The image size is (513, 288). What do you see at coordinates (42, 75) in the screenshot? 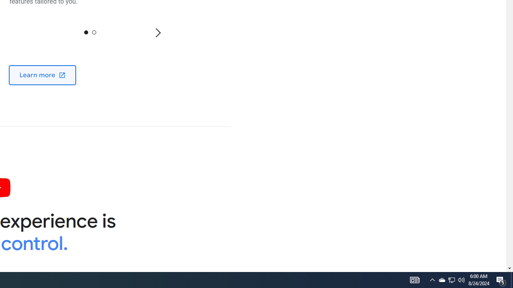
I see `'Learn more about Maps'` at bounding box center [42, 75].